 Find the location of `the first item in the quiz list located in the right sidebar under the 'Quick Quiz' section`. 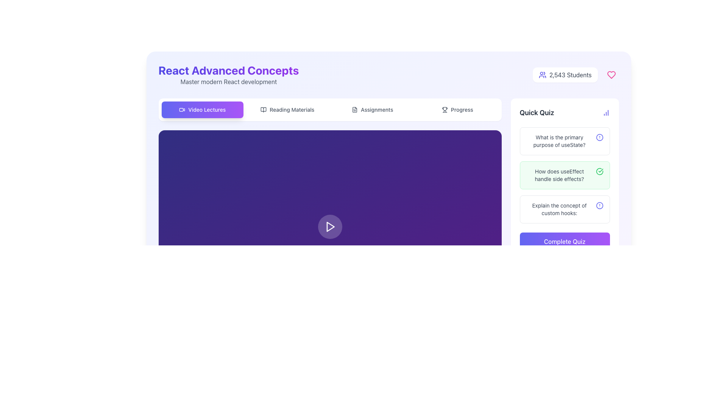

the first item in the quiz list located in the right sidebar under the 'Quick Quiz' section is located at coordinates (565, 141).